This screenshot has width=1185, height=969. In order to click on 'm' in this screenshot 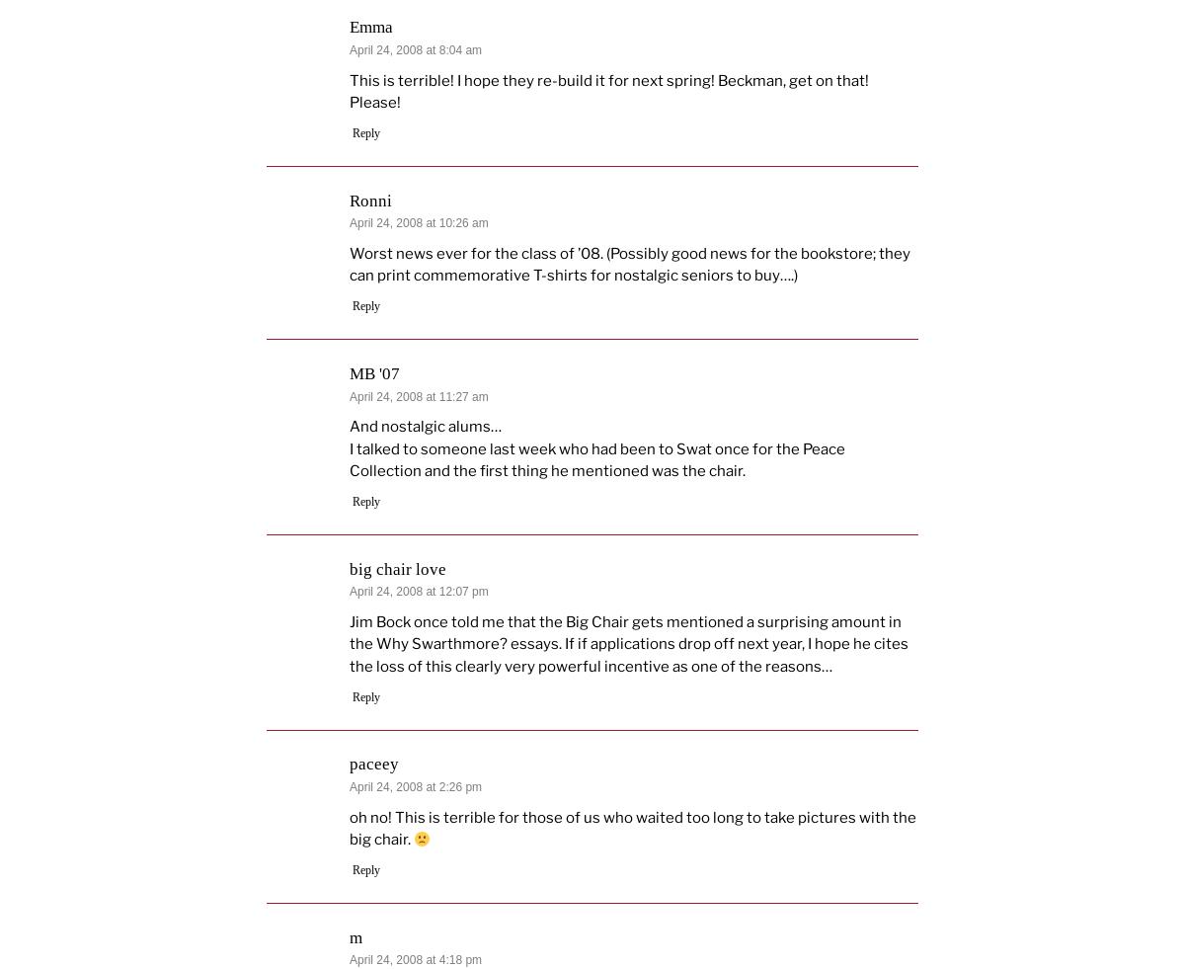, I will do `click(355, 936)`.